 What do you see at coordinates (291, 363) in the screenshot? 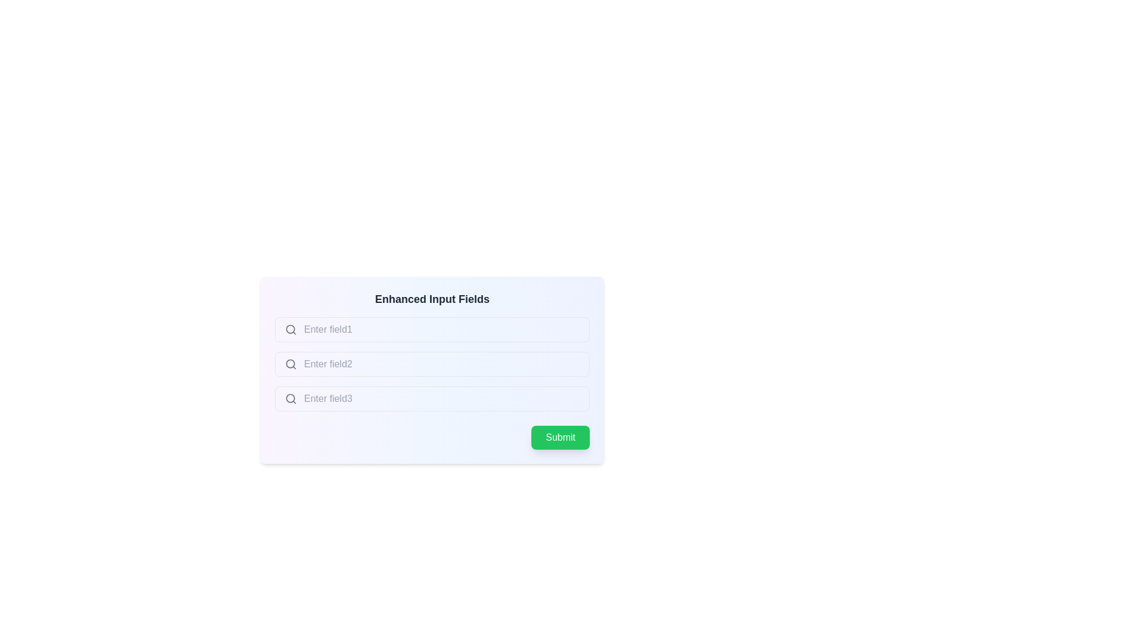
I see `the magnifying glass SVG icon that indicates the search functionality, located to the left of the placeholder text 'Enter field2' in the second input field` at bounding box center [291, 363].